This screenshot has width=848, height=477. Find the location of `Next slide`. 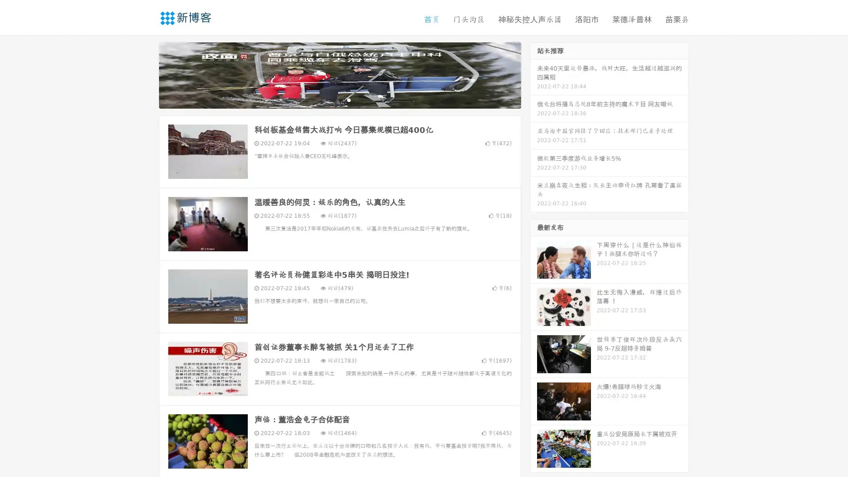

Next slide is located at coordinates (534, 74).